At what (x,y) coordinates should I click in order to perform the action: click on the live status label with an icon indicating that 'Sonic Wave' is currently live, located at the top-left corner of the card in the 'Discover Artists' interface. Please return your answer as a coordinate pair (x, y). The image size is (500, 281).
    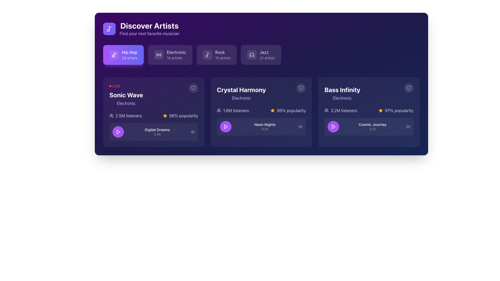
    Looking at the image, I should click on (114, 86).